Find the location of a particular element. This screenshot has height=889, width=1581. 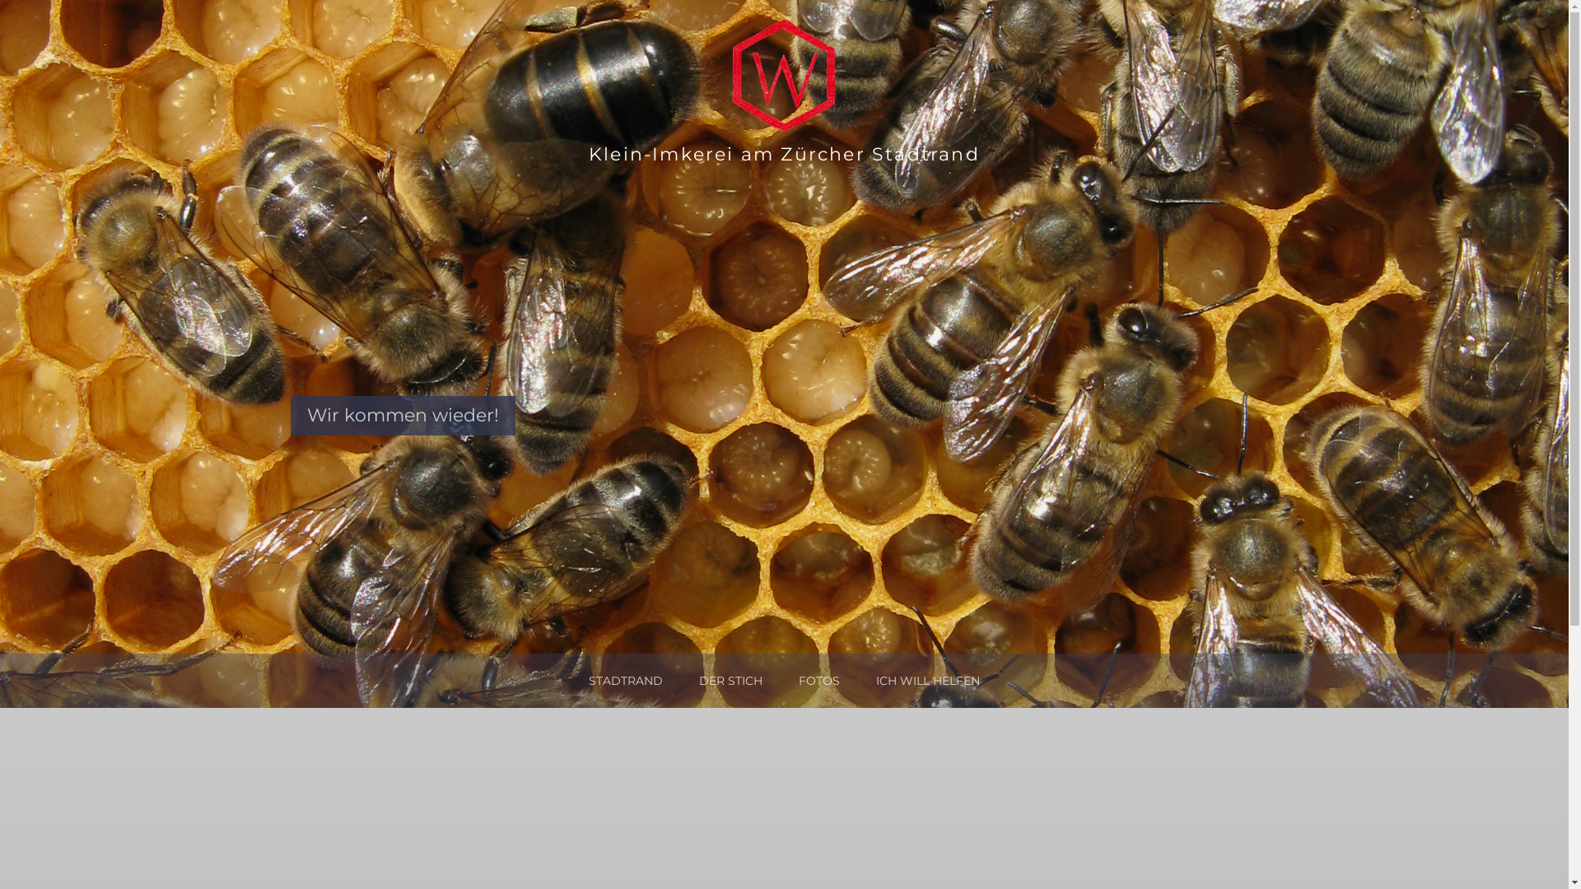

'ICH WILL HELFEN' is located at coordinates (875, 680).